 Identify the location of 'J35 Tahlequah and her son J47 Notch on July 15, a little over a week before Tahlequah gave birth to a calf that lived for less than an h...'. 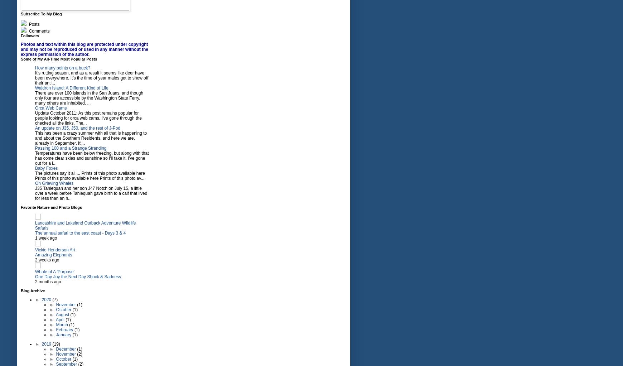
(91, 193).